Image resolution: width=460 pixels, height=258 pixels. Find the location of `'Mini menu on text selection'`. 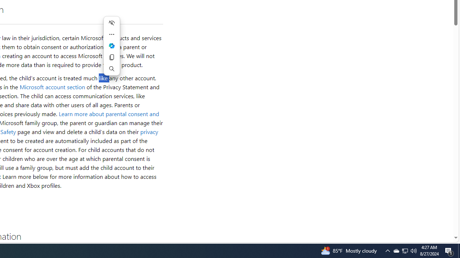

'Mini menu on text selection' is located at coordinates (111, 50).